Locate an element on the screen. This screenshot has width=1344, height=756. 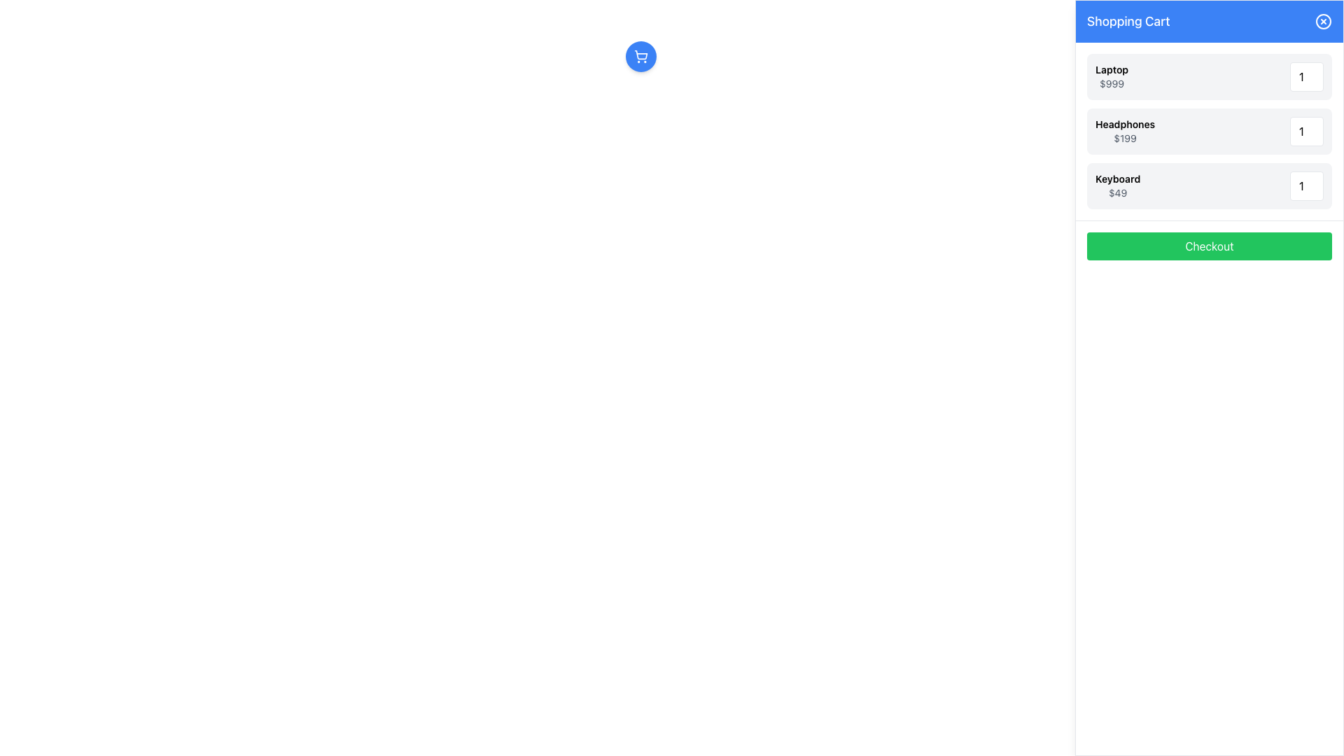
the 'Headphones' text label displaying the price '$199' in the shopping cart interface, which is located under the 'Laptop' item and above the 'Keyboard' item is located at coordinates (1125, 132).